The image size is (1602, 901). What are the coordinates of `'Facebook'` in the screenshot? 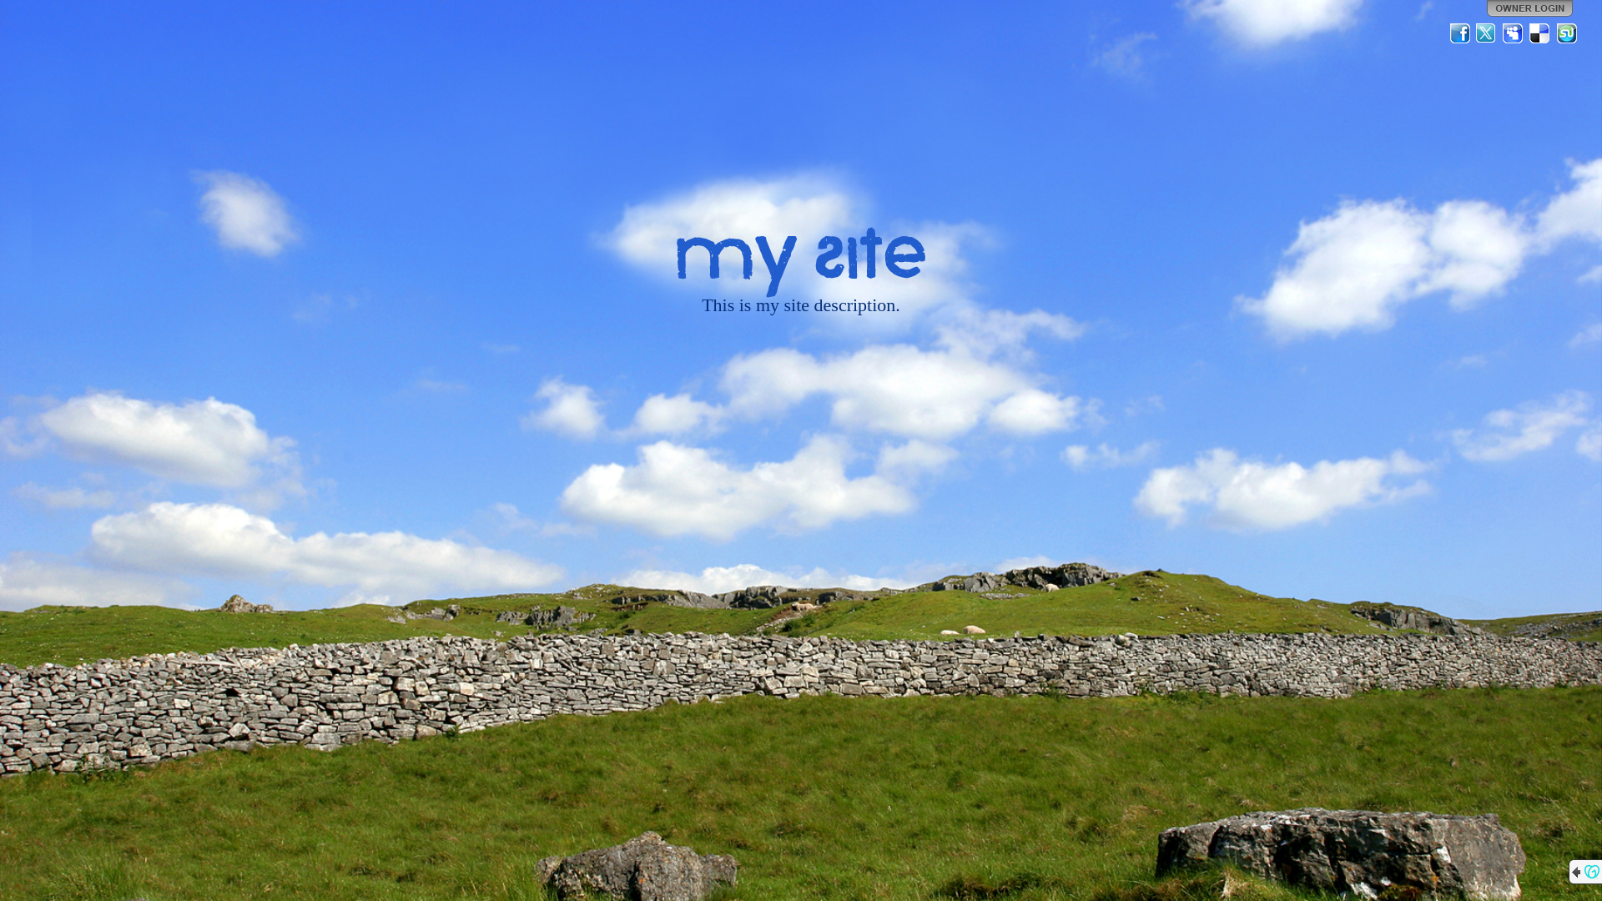 It's located at (1459, 33).